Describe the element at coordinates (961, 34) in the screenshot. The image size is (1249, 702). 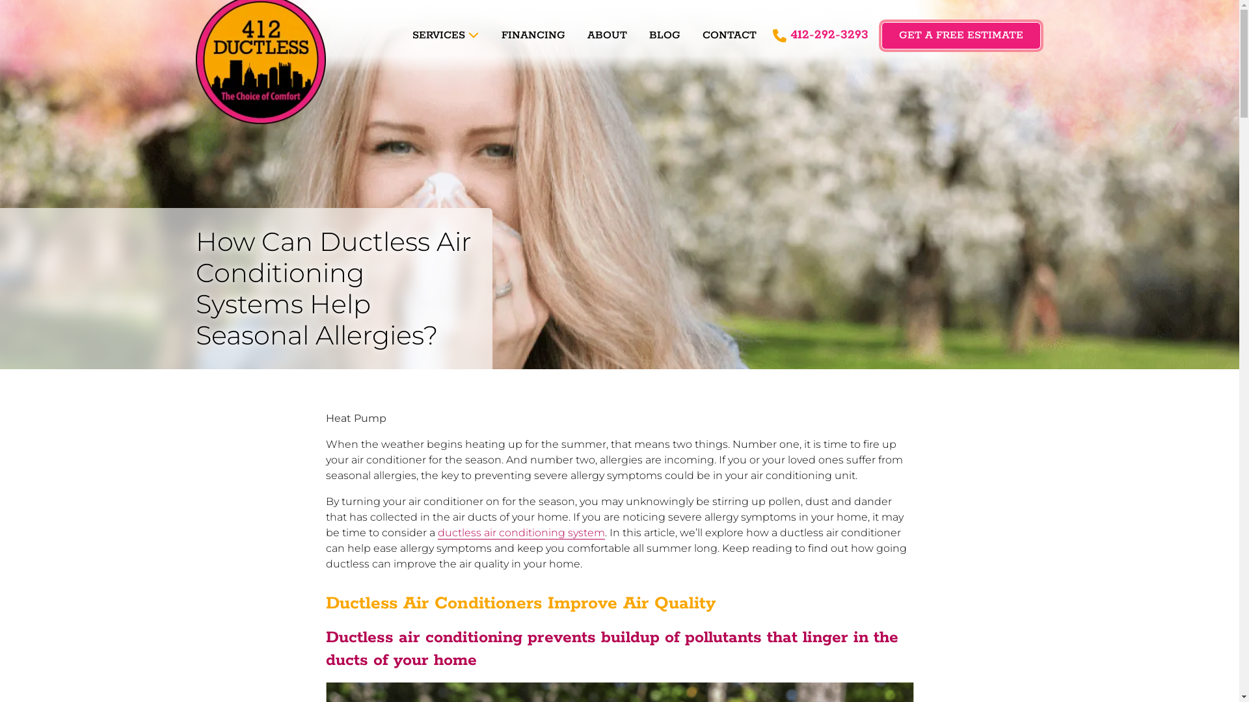
I see `'GET A FREE ESTIMATE'` at that location.